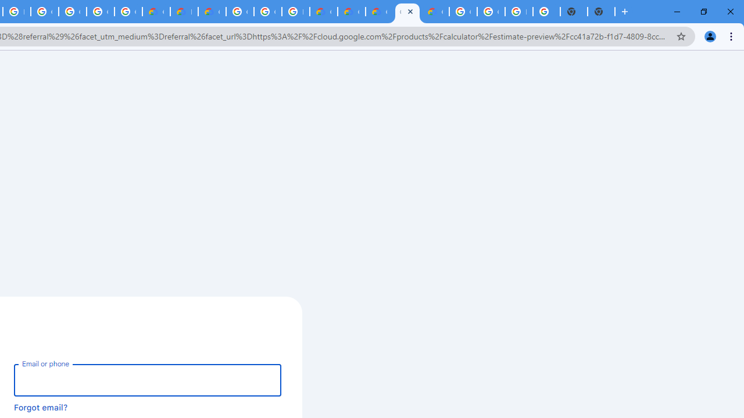 Image resolution: width=744 pixels, height=418 pixels. I want to click on 'Gemini for Business and Developers | Google Cloud', so click(212, 12).